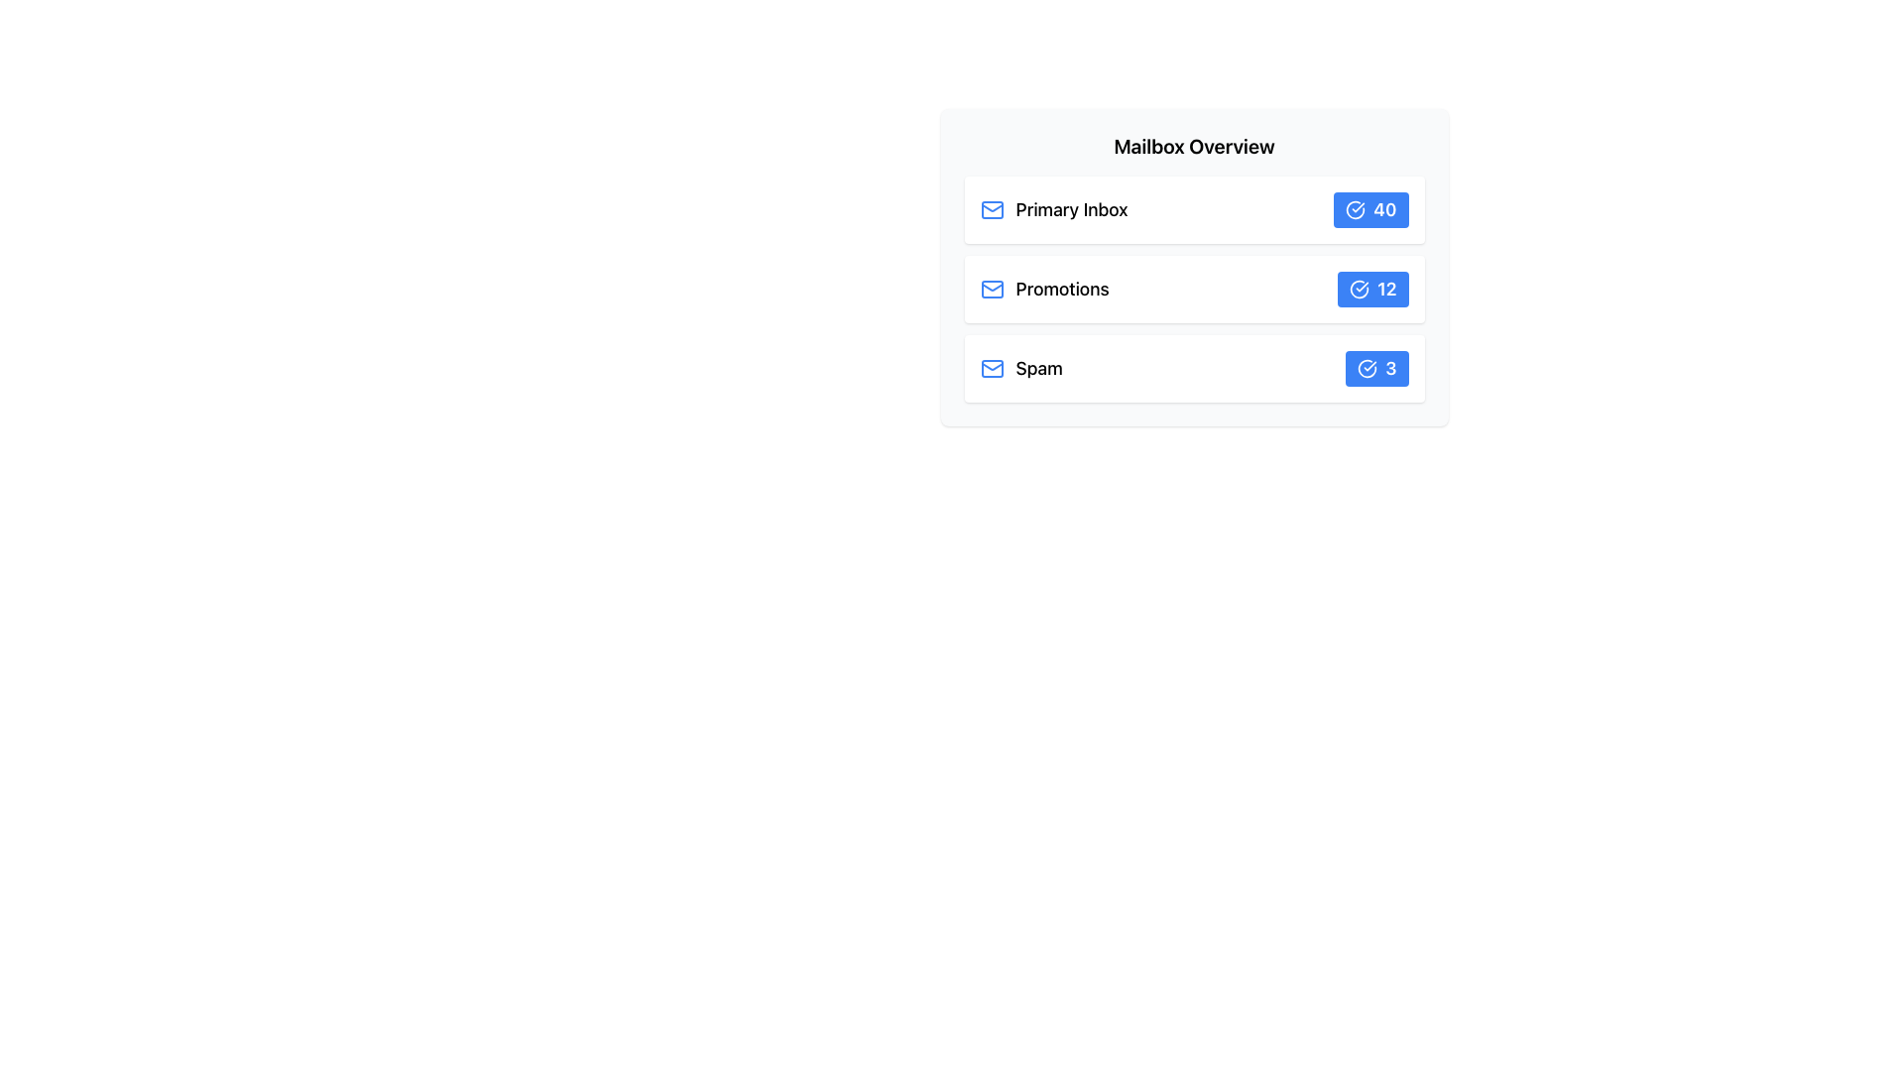 Image resolution: width=1904 pixels, height=1071 pixels. I want to click on the 'Promotions' category list item in the Mailbox Overview, so click(1193, 290).